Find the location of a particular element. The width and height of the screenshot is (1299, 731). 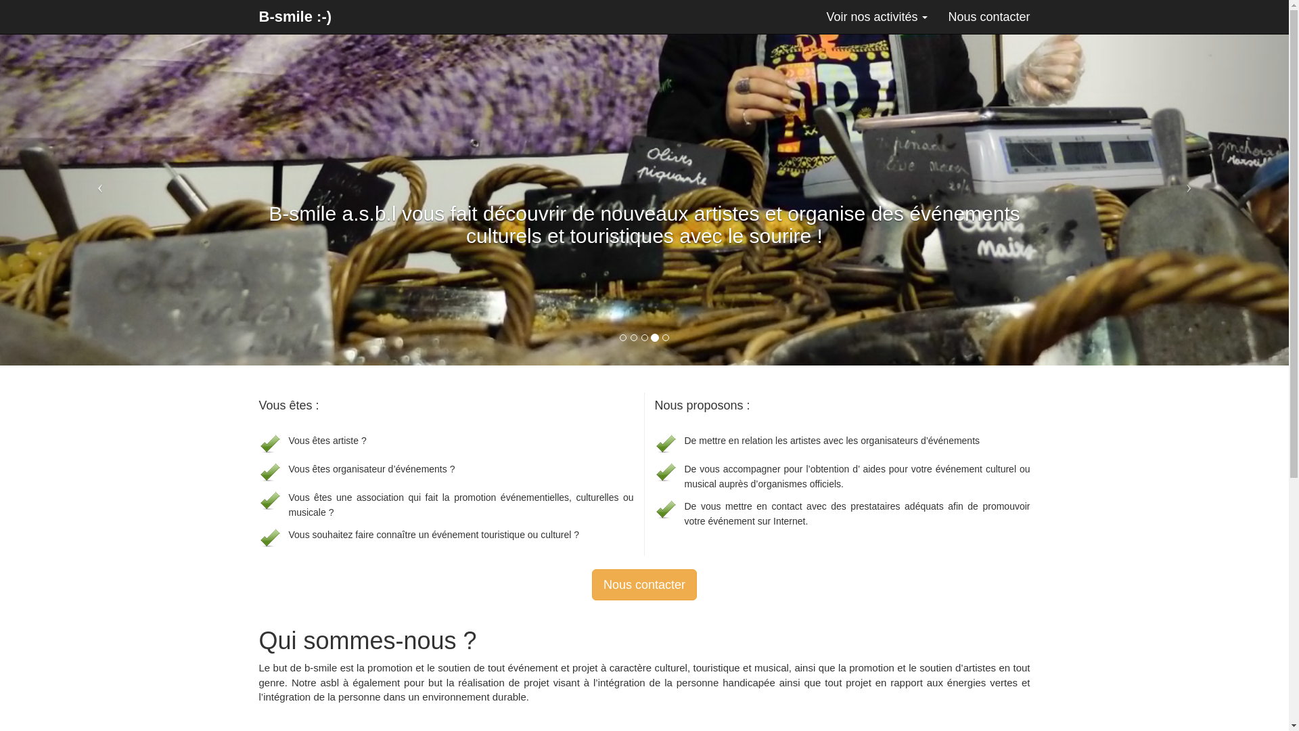

'Nous contacter' is located at coordinates (988, 16).